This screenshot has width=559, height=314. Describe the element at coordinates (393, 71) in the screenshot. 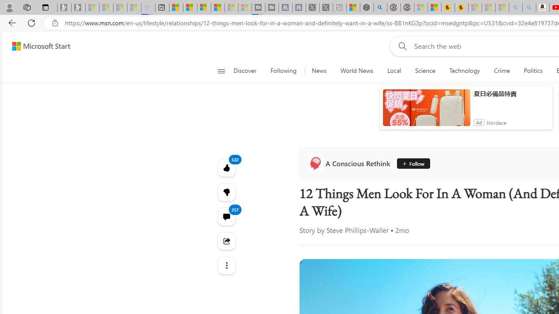

I see `'Local'` at that location.